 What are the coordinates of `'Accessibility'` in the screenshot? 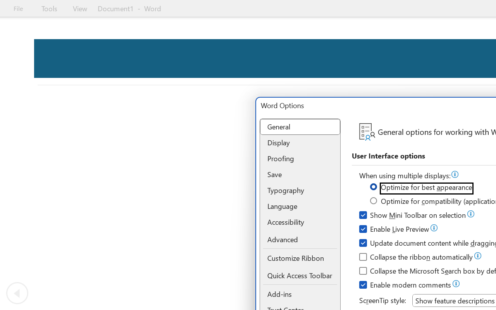 It's located at (300, 222).